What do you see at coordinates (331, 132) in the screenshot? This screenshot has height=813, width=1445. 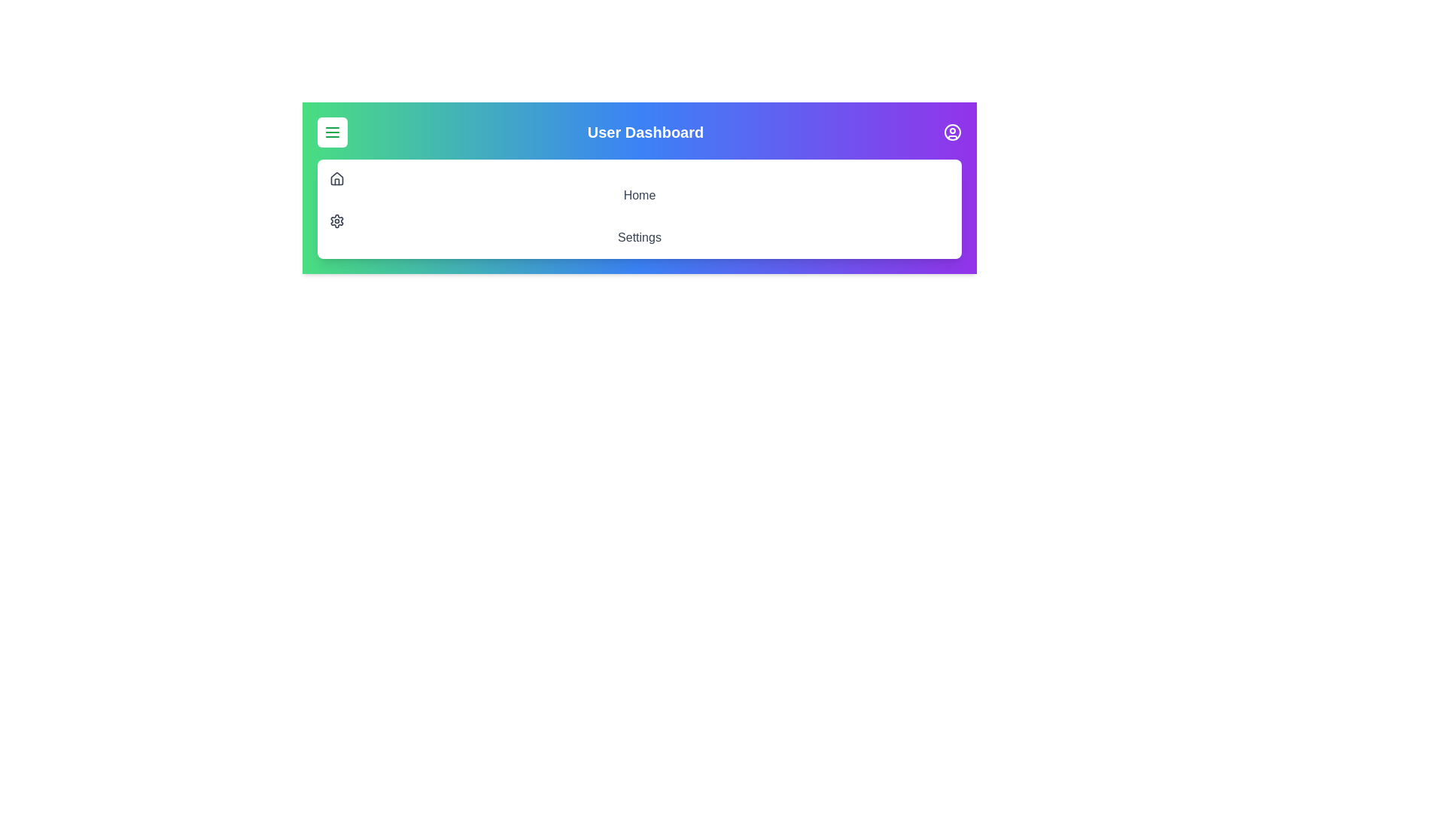 I see `the menu button to toggle the menu visibility` at bounding box center [331, 132].